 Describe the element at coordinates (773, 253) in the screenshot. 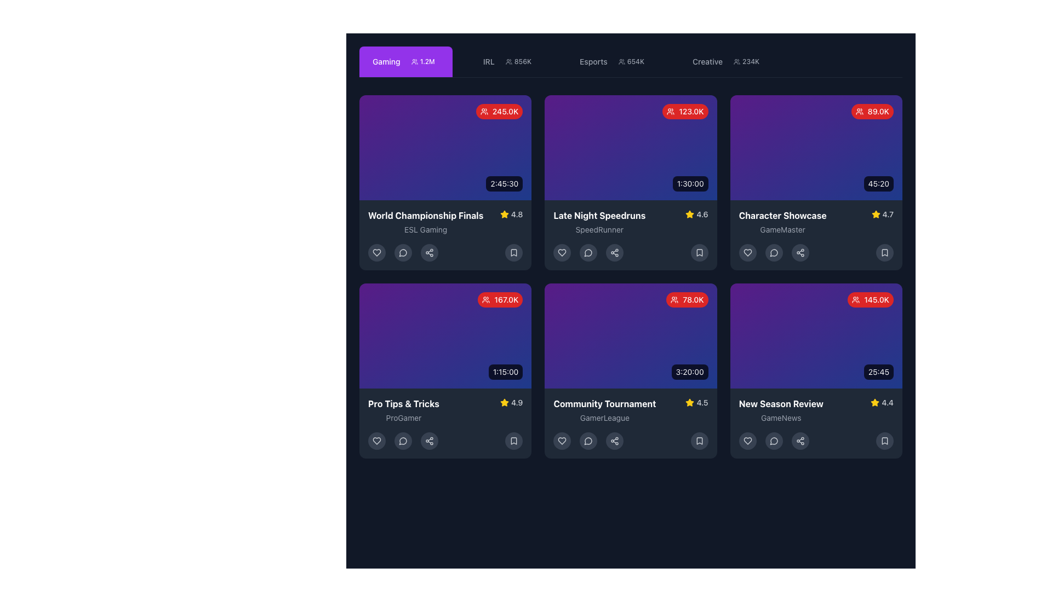

I see `the circular button with a speech bubble icon located in the footer of the 'Character Showcase' card to observe the hover effect` at that location.